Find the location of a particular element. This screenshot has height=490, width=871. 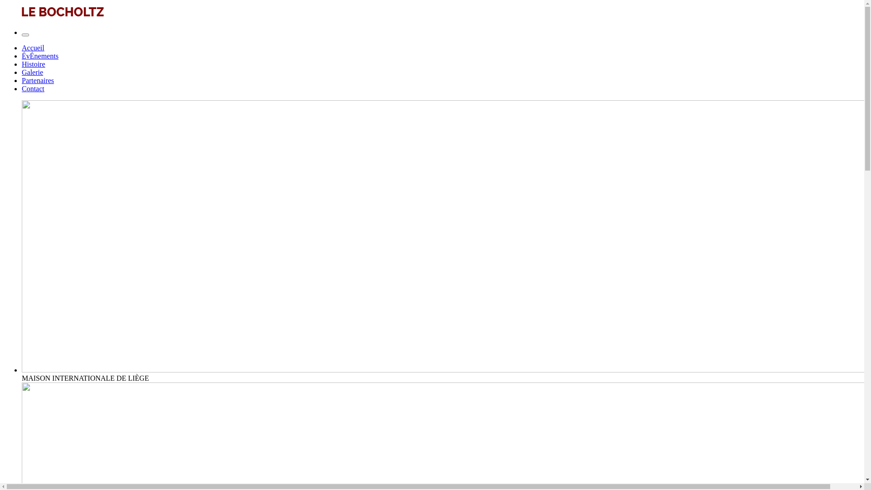

'Contact' is located at coordinates (22, 88).